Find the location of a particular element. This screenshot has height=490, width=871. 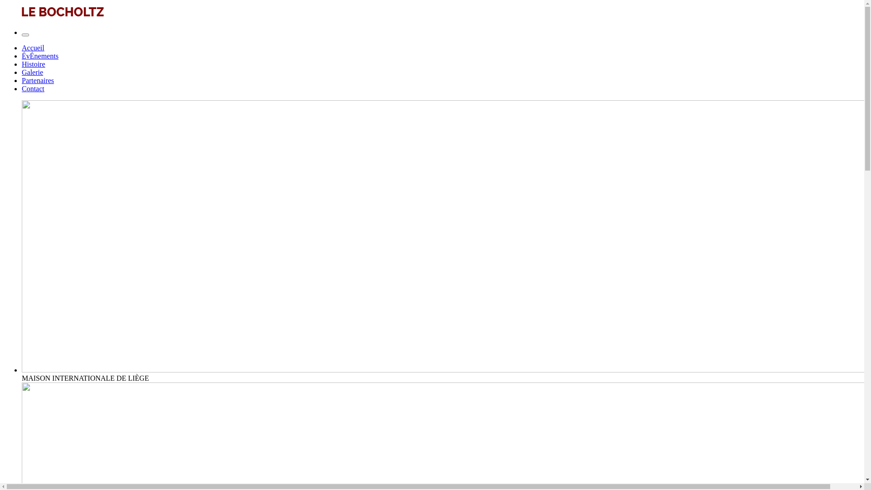

'Contact' is located at coordinates (22, 88).